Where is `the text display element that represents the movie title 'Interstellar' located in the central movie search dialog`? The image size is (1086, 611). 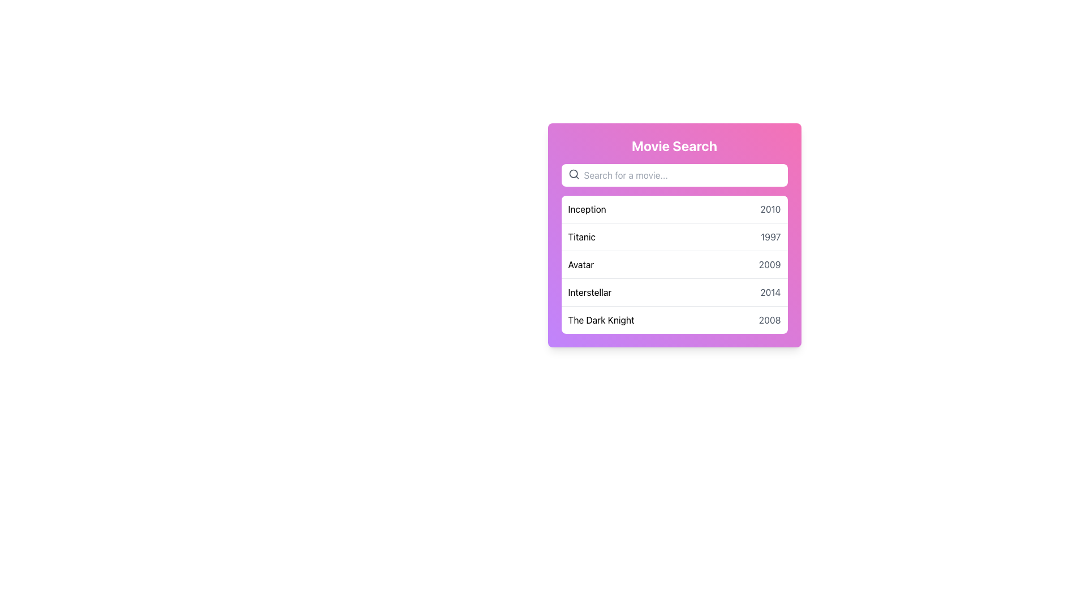 the text display element that represents the movie title 'Interstellar' located in the central movie search dialog is located at coordinates (589, 291).